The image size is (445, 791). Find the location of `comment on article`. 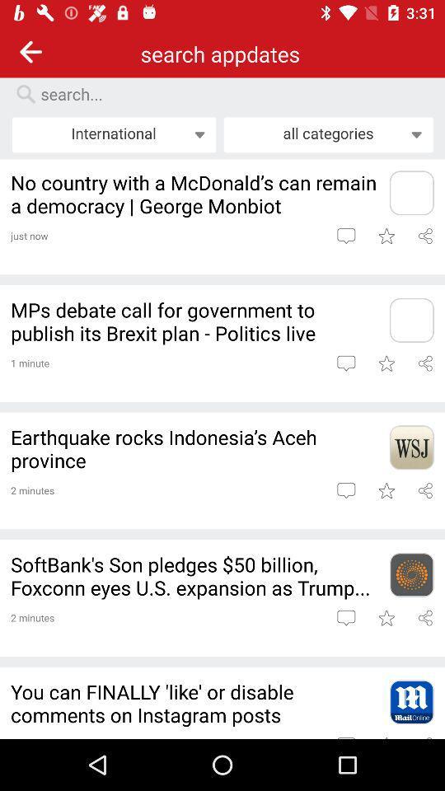

comment on article is located at coordinates (345, 616).